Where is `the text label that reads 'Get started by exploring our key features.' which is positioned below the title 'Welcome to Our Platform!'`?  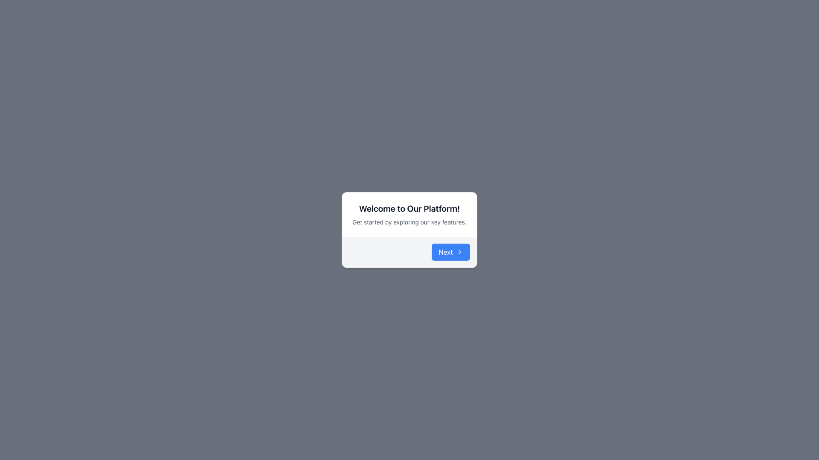 the text label that reads 'Get started by exploring our key features.' which is positioned below the title 'Welcome to Our Platform!' is located at coordinates (409, 221).